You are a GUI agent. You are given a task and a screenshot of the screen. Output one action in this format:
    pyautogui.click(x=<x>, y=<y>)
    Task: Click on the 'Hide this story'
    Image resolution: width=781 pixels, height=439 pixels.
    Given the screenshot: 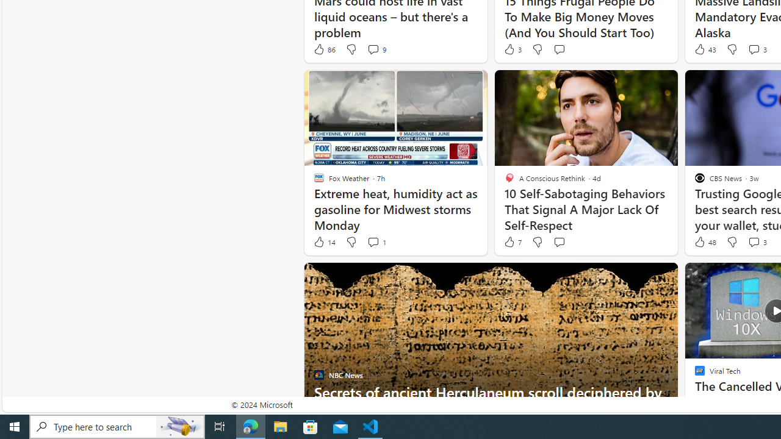 What is the action you would take?
    pyautogui.click(x=640, y=277)
    